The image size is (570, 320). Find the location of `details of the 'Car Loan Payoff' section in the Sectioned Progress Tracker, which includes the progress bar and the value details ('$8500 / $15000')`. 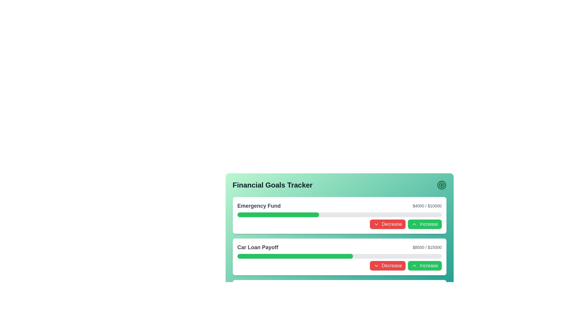

details of the 'Car Loan Payoff' section in the Sectioned Progress Tracker, which includes the progress bar and the value details ('$8500 / $15000') is located at coordinates (339, 257).